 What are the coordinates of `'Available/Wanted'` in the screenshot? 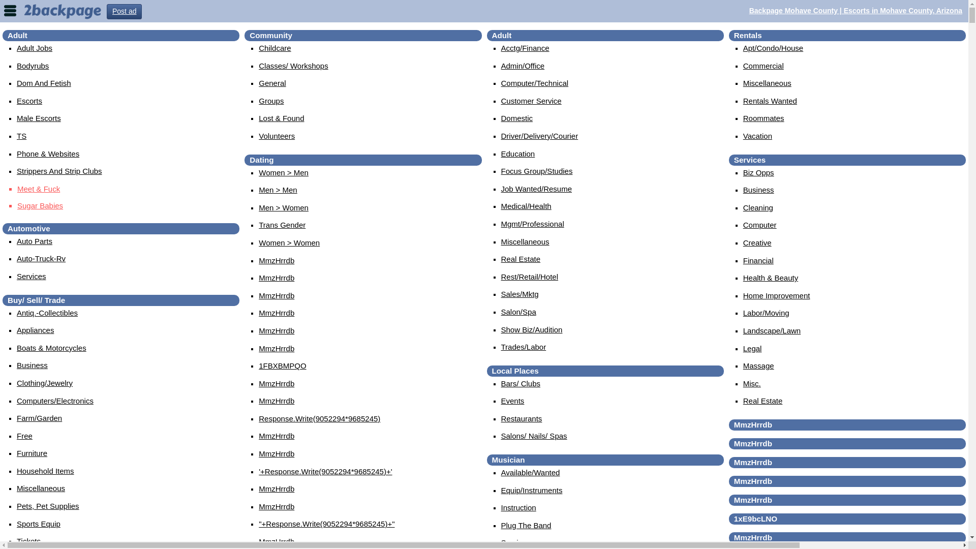 It's located at (501, 472).